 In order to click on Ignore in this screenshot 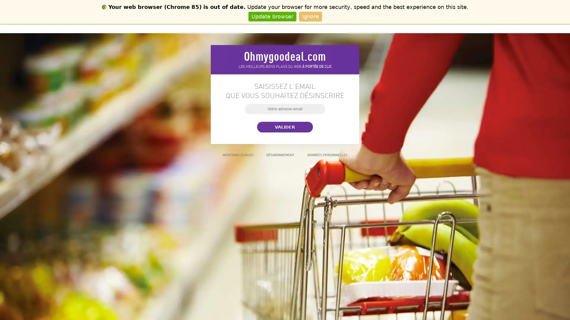, I will do `click(310, 16)`.